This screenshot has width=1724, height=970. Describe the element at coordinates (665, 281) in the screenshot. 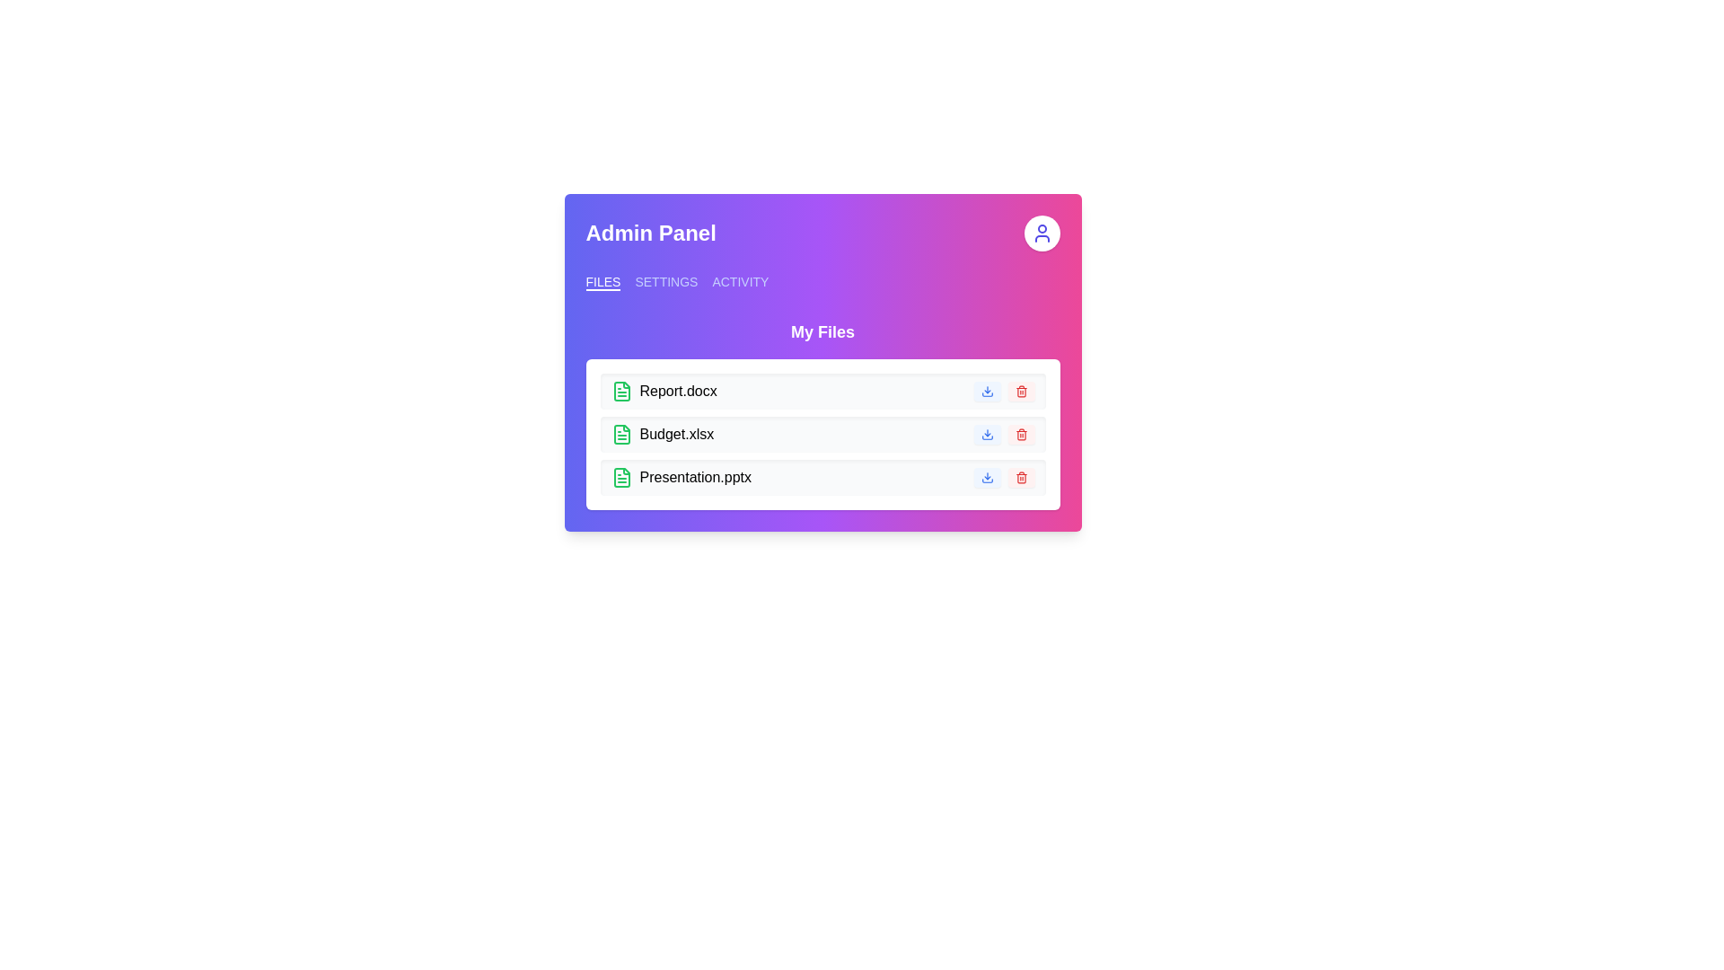

I see `the 'SETTINGS' navigation label, which is styled with light indigo text color and is positioned between the 'FILES' and 'ACTIVITY' labels in the navigation bar` at that location.